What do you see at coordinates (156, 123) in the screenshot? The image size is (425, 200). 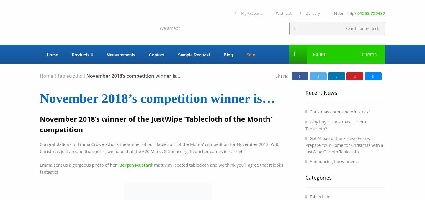 I see `'November 2018’s winner of the JustWipe ‘Tablecloth of the Month’ competition'` at bounding box center [156, 123].